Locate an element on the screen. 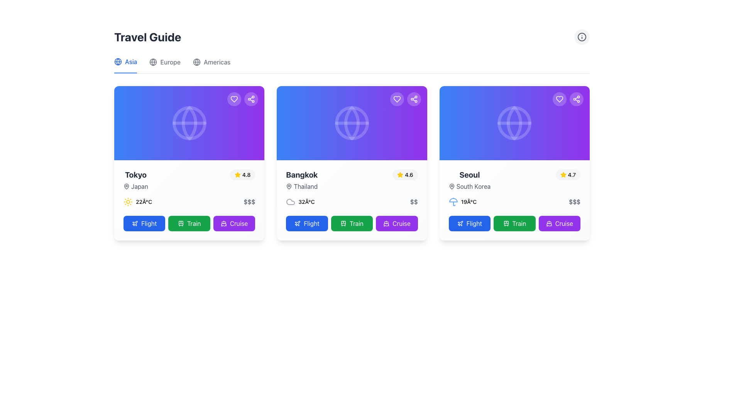  the SVG icon that represents the 'Train' button, which is located at the start of the green button labeled 'Train' in the bottom button row of the first card ('Tokyo') is located at coordinates (180, 223).